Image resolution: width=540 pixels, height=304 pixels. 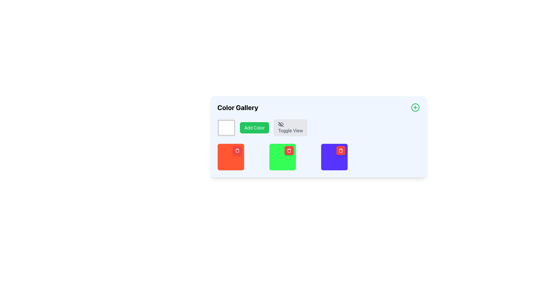 What do you see at coordinates (291, 128) in the screenshot?
I see `the 'Toggle View' button, which is the third interactive item in the top center group of the interface` at bounding box center [291, 128].